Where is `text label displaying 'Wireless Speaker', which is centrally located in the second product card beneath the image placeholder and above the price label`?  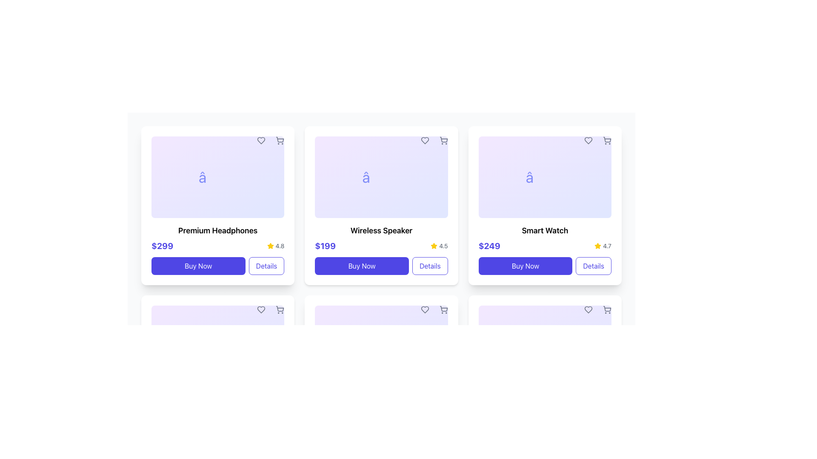
text label displaying 'Wireless Speaker', which is centrally located in the second product card beneath the image placeholder and above the price label is located at coordinates (381, 231).